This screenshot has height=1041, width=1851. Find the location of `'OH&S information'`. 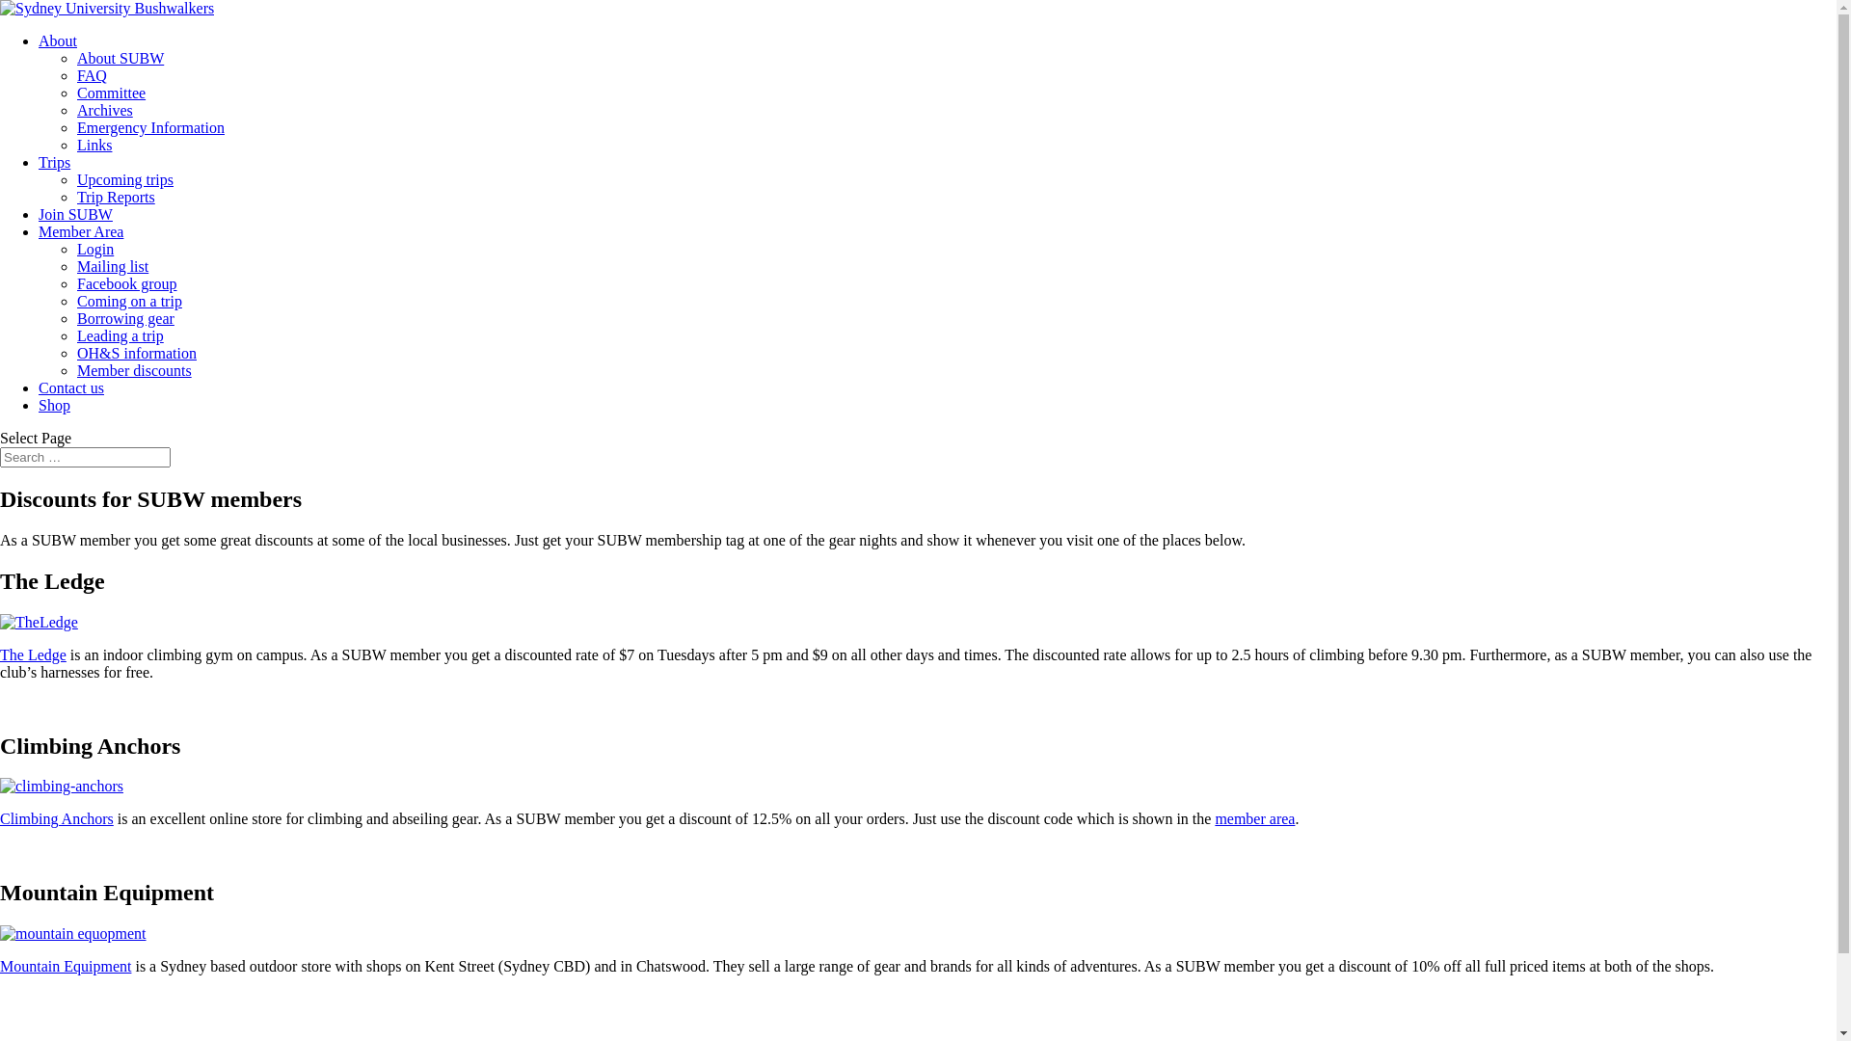

'OH&S information' is located at coordinates (136, 353).